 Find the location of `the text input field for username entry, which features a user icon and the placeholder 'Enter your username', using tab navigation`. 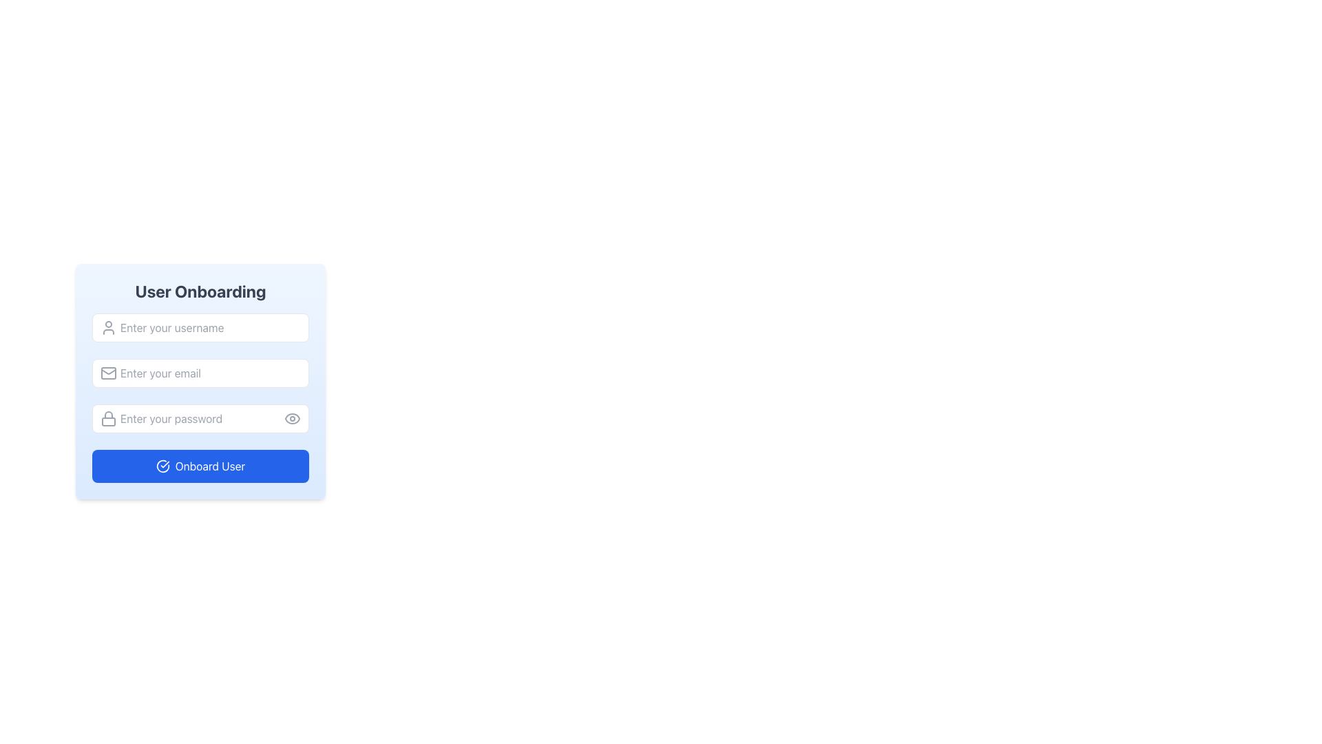

the text input field for username entry, which features a user icon and the placeholder 'Enter your username', using tab navigation is located at coordinates (200, 327).